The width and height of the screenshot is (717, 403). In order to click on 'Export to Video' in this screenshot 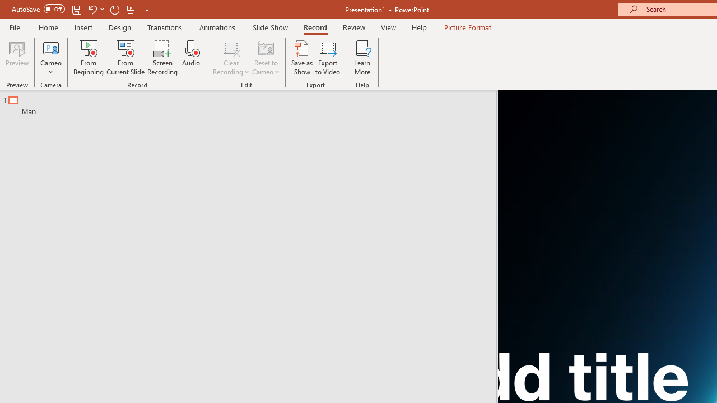, I will do `click(327, 58)`.